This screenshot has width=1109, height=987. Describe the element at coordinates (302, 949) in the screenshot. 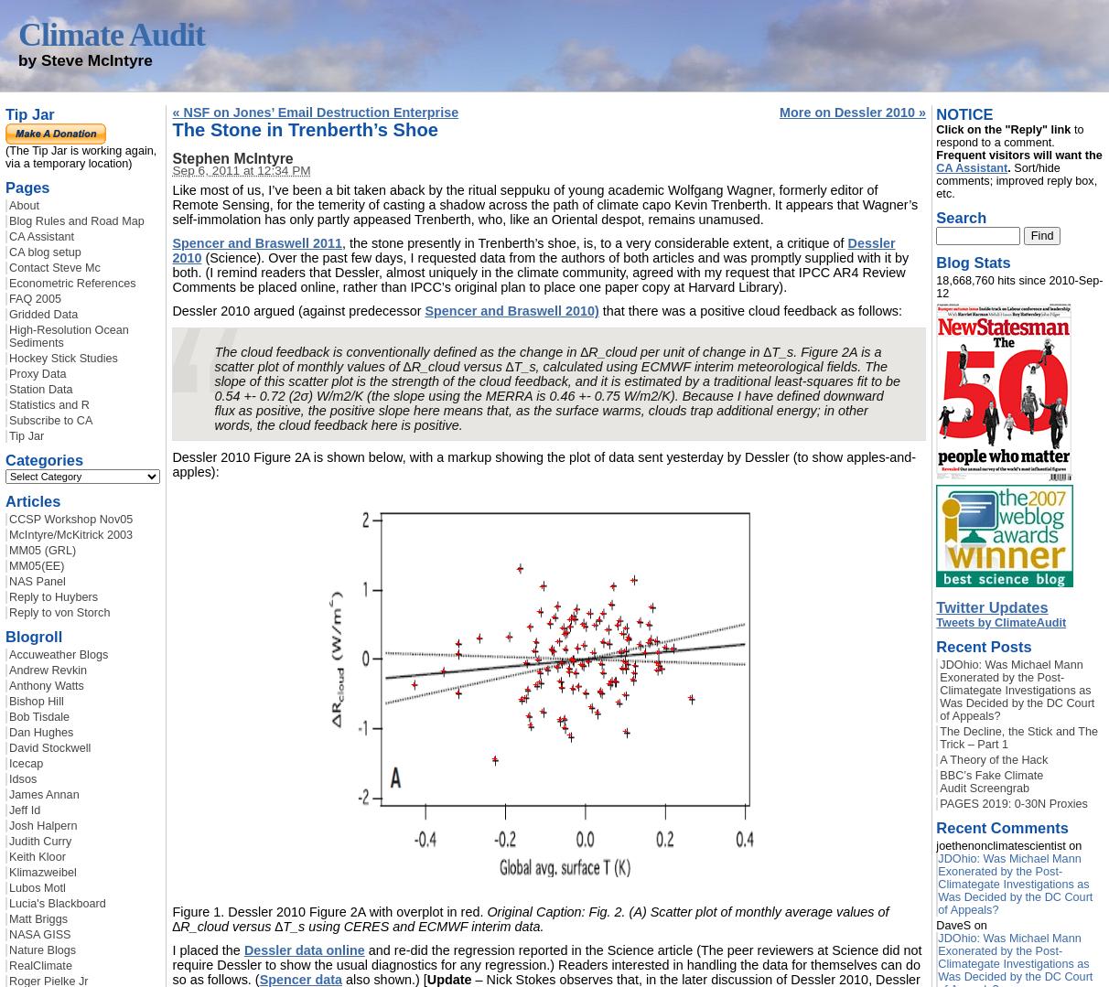

I see `'Dessler data online'` at that location.